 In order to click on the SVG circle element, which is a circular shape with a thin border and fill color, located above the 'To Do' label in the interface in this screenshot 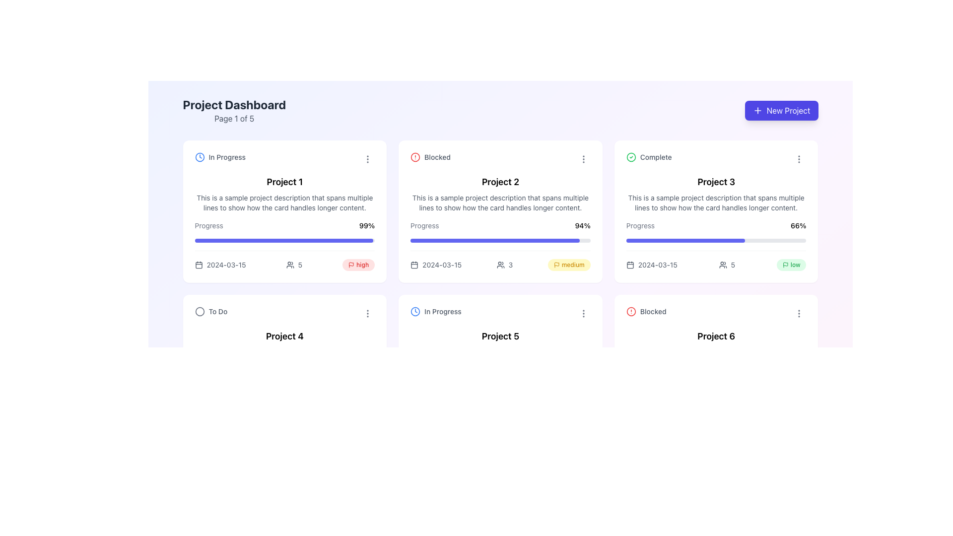, I will do `click(199, 311)`.